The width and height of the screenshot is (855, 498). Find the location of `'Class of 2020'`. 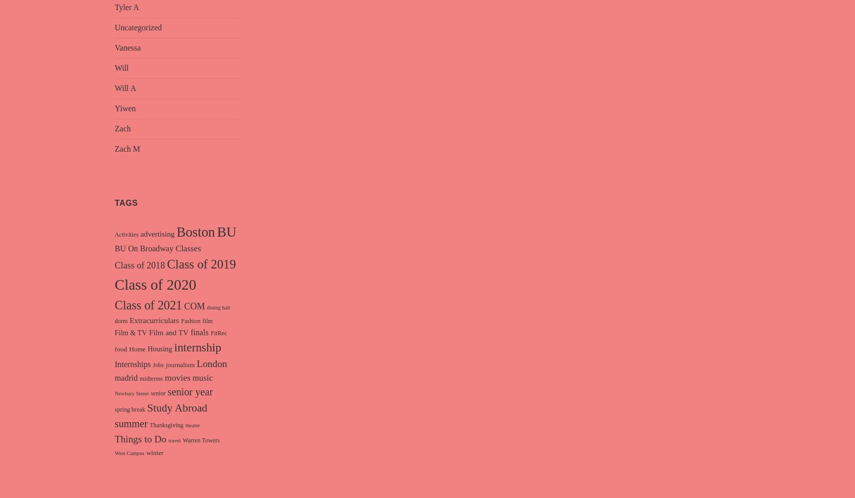

'Class of 2020' is located at coordinates (155, 284).